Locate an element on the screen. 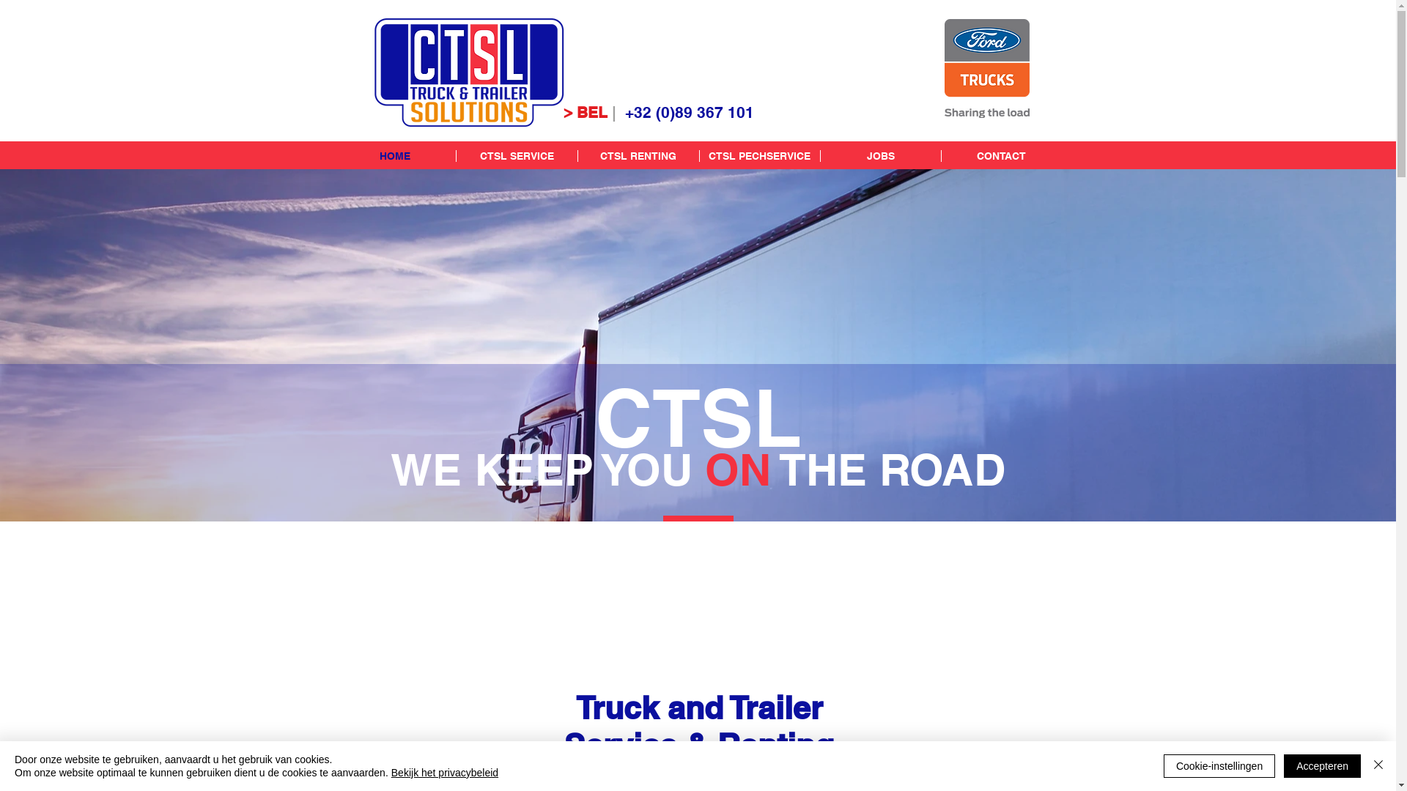 This screenshot has height=791, width=1407. 'CTSL SERVICE' is located at coordinates (517, 155).